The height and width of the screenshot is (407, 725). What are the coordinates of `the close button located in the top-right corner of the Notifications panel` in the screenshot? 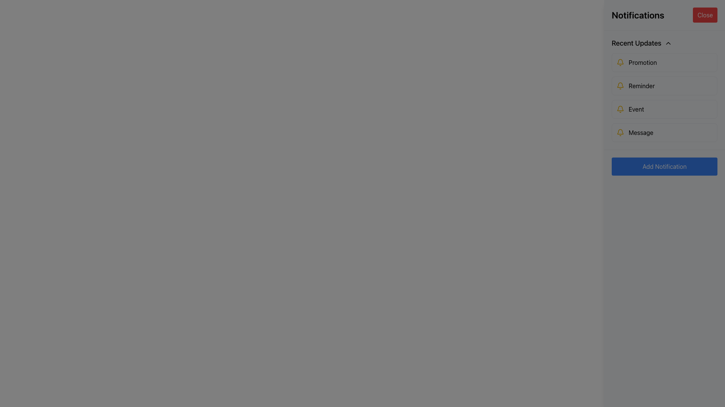 It's located at (705, 15).